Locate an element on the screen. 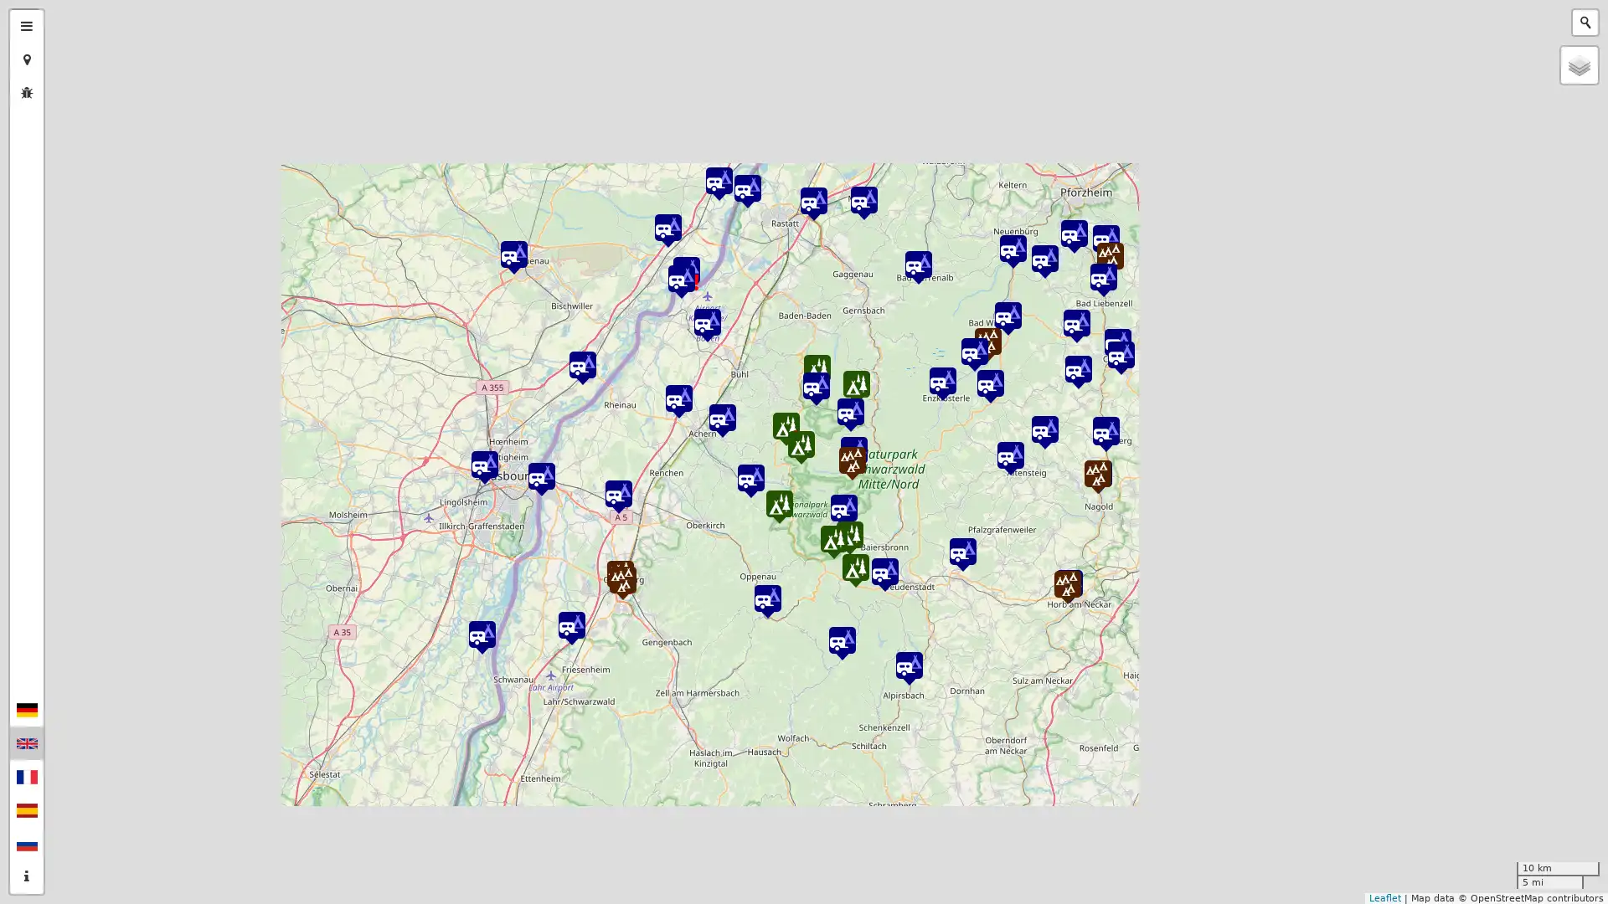 This screenshot has height=904, width=1608. Zoom out is located at coordinates (64, 47).